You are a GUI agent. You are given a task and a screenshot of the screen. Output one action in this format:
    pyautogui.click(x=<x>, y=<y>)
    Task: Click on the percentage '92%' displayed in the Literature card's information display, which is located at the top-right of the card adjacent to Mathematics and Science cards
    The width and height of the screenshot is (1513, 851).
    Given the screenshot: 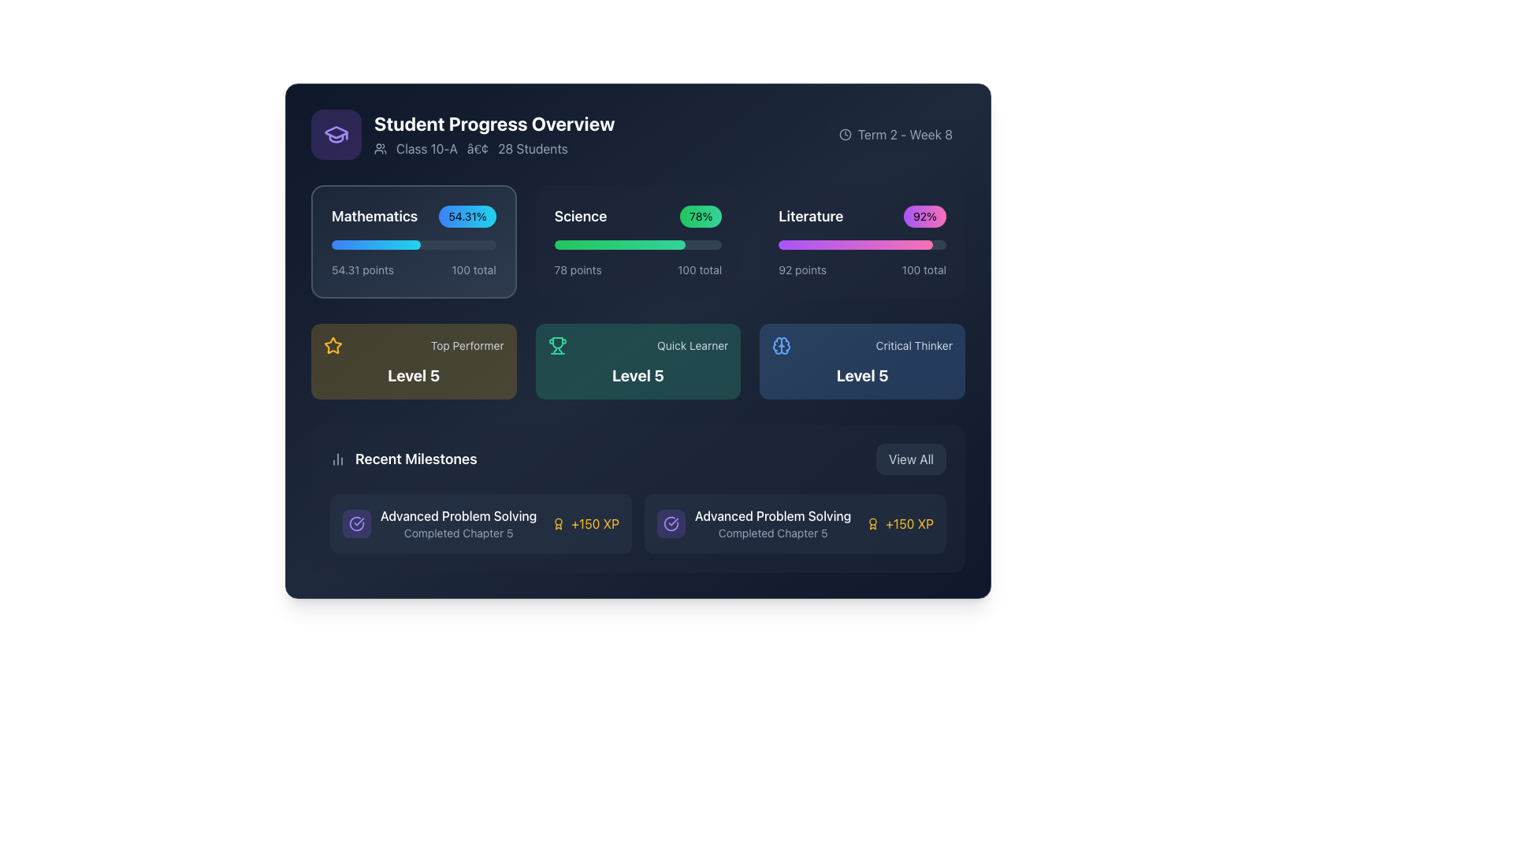 What is the action you would take?
    pyautogui.click(x=861, y=216)
    